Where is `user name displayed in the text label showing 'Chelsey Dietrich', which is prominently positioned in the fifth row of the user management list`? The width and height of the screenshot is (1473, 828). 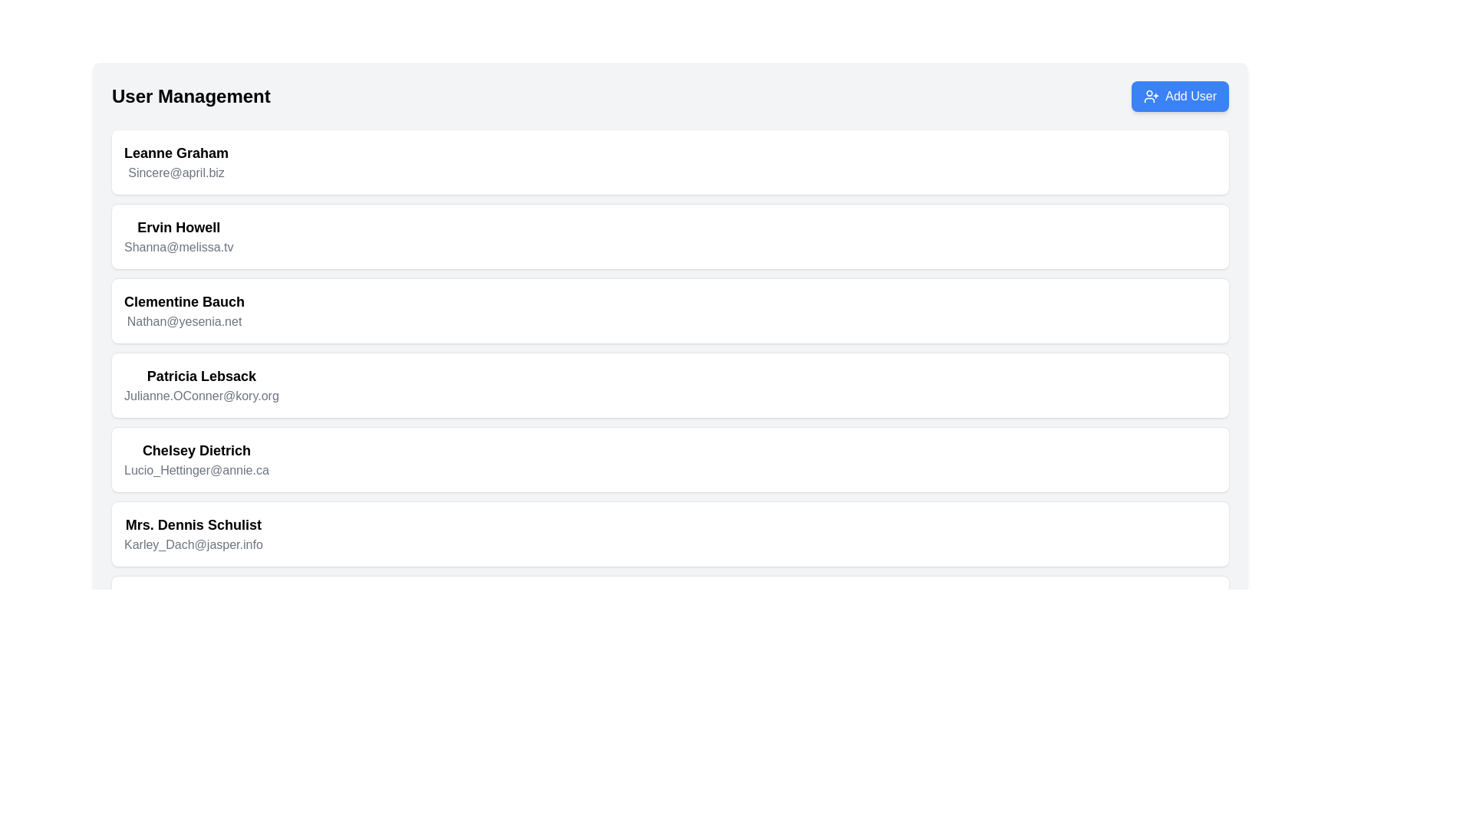 user name displayed in the text label showing 'Chelsey Dietrich', which is prominently positioned in the fifth row of the user management list is located at coordinates (196, 449).